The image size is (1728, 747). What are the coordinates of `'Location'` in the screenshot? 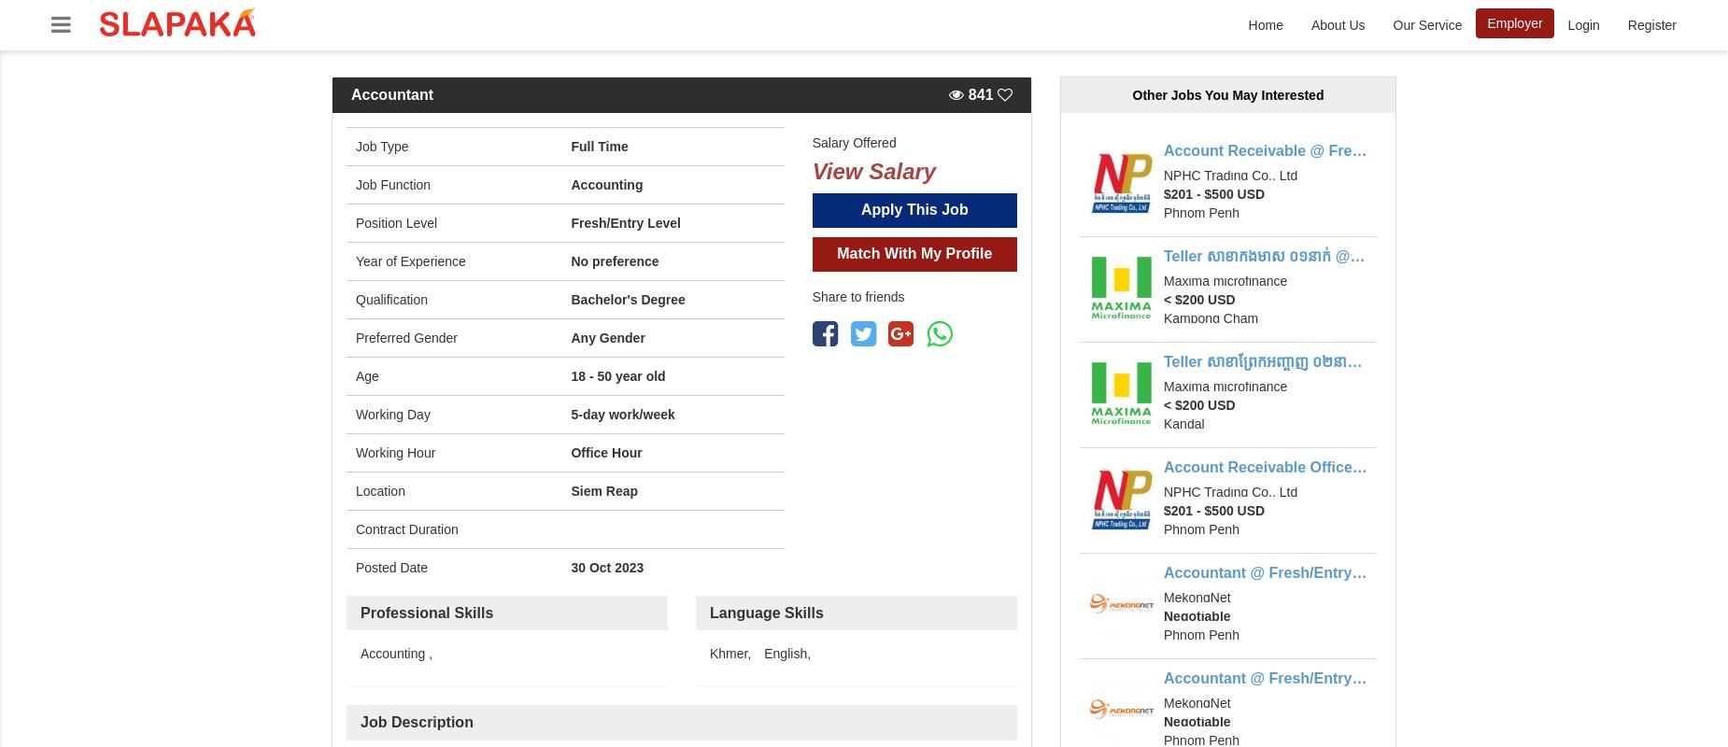 It's located at (354, 488).